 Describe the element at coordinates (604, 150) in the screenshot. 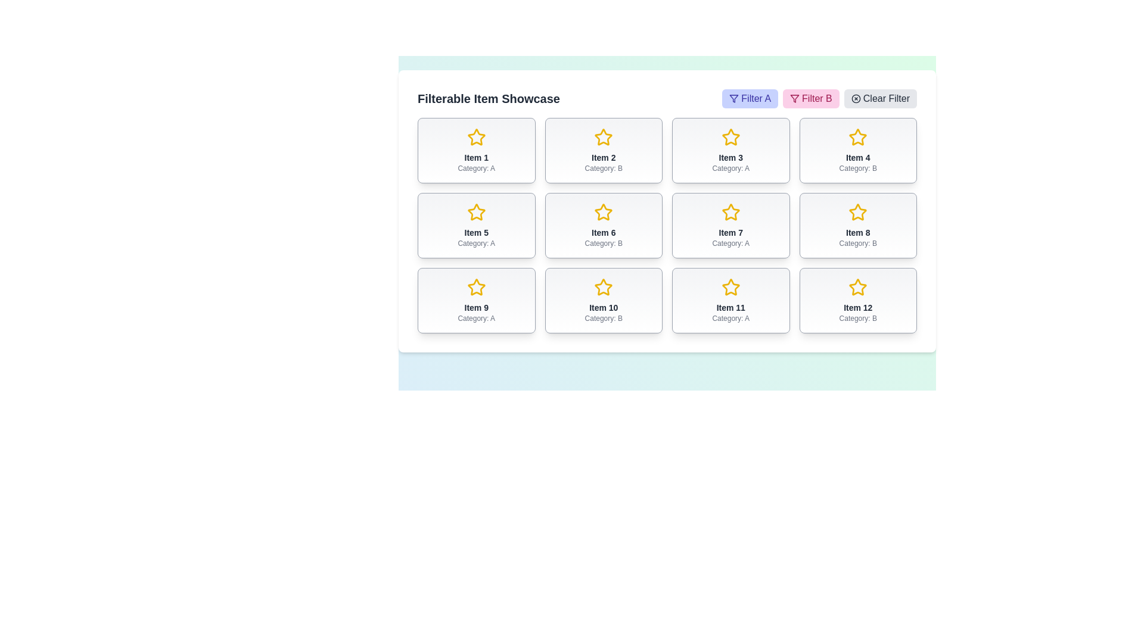

I see `attributes of the second Card component in the grid layout, which displays the item's name and category` at that location.